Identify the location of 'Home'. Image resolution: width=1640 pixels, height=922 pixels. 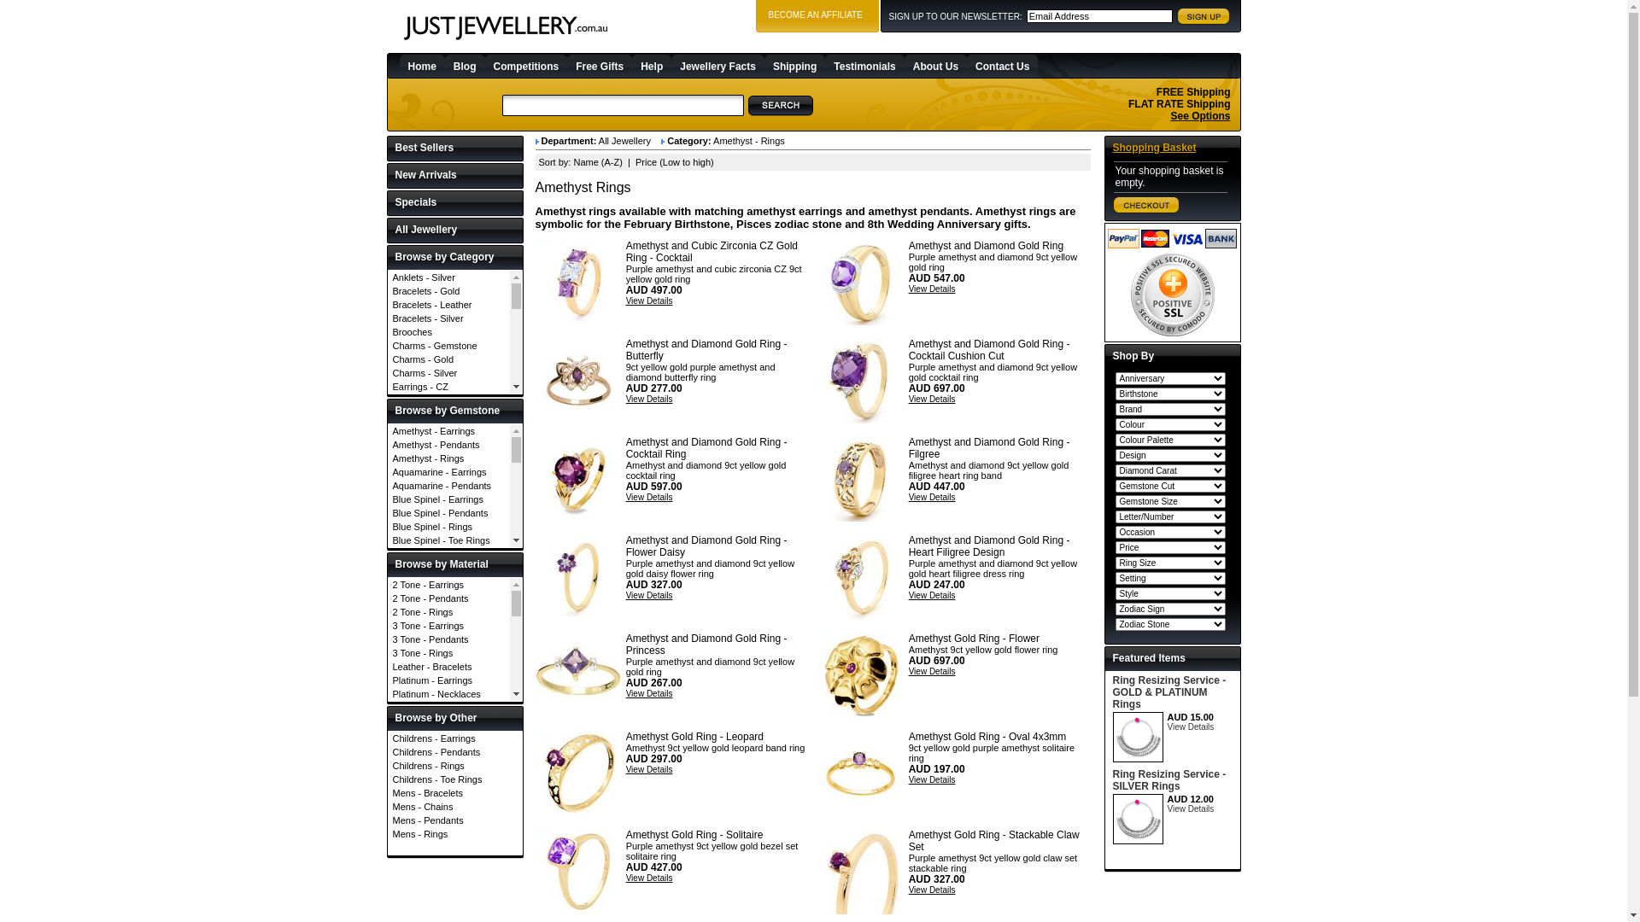
(422, 65).